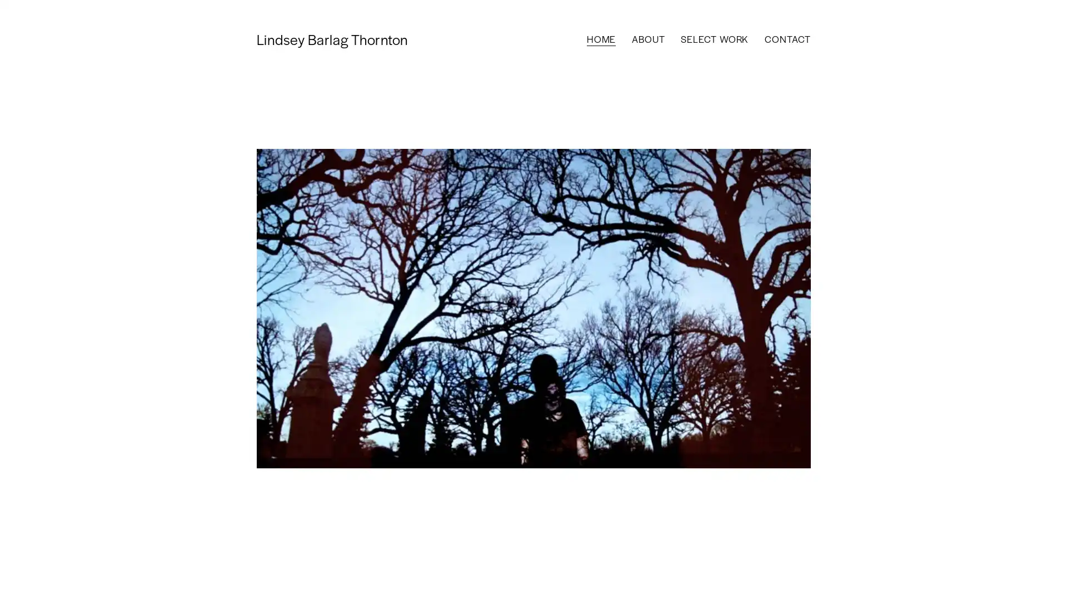 The width and height of the screenshot is (1067, 600). I want to click on View fullsize, so click(532, 308).